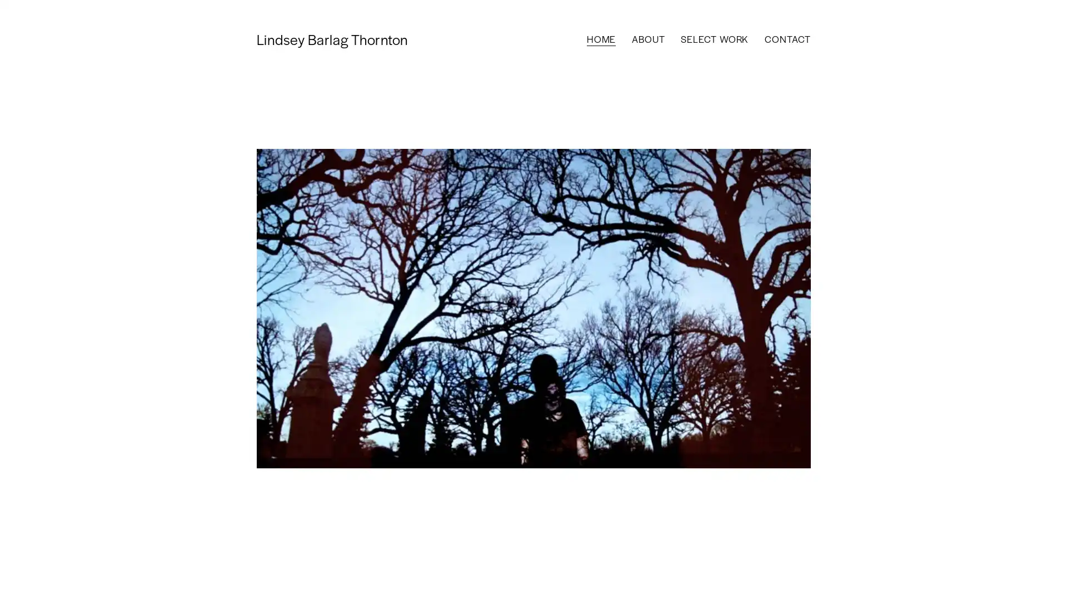 The width and height of the screenshot is (1067, 600). I want to click on View fullsize, so click(532, 308).